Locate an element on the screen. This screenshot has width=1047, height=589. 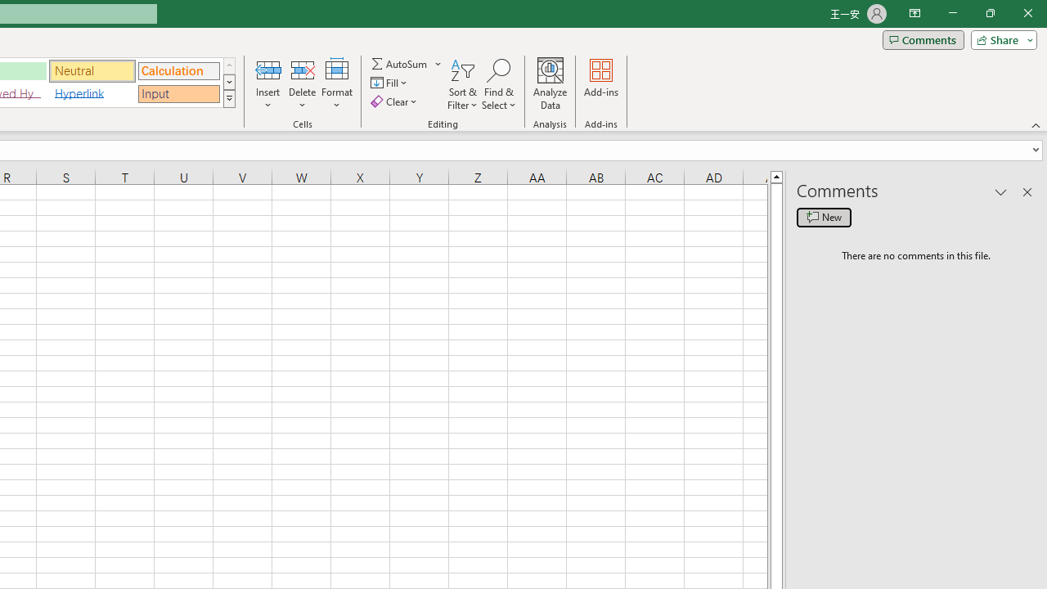
'Share' is located at coordinates (1000, 38).